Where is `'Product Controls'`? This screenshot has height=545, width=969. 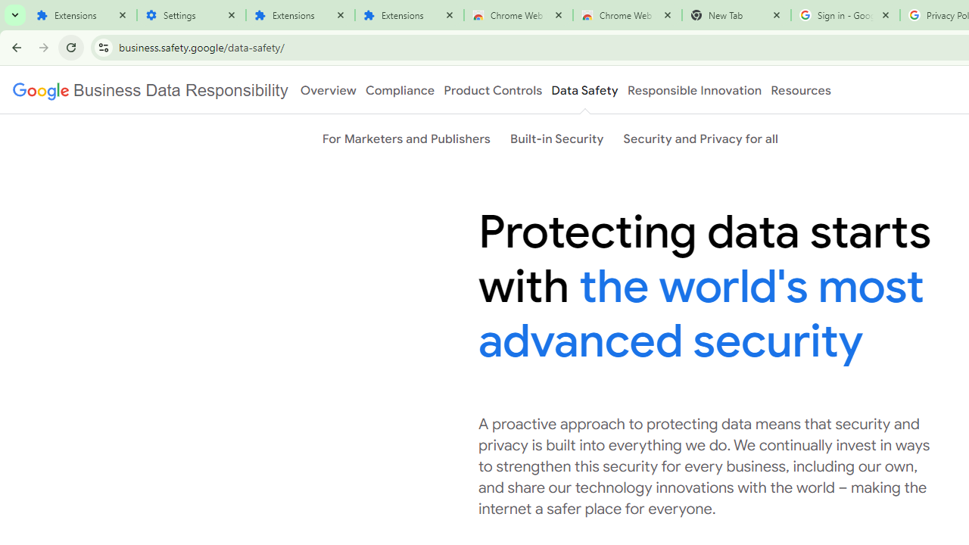
'Product Controls' is located at coordinates (493, 90).